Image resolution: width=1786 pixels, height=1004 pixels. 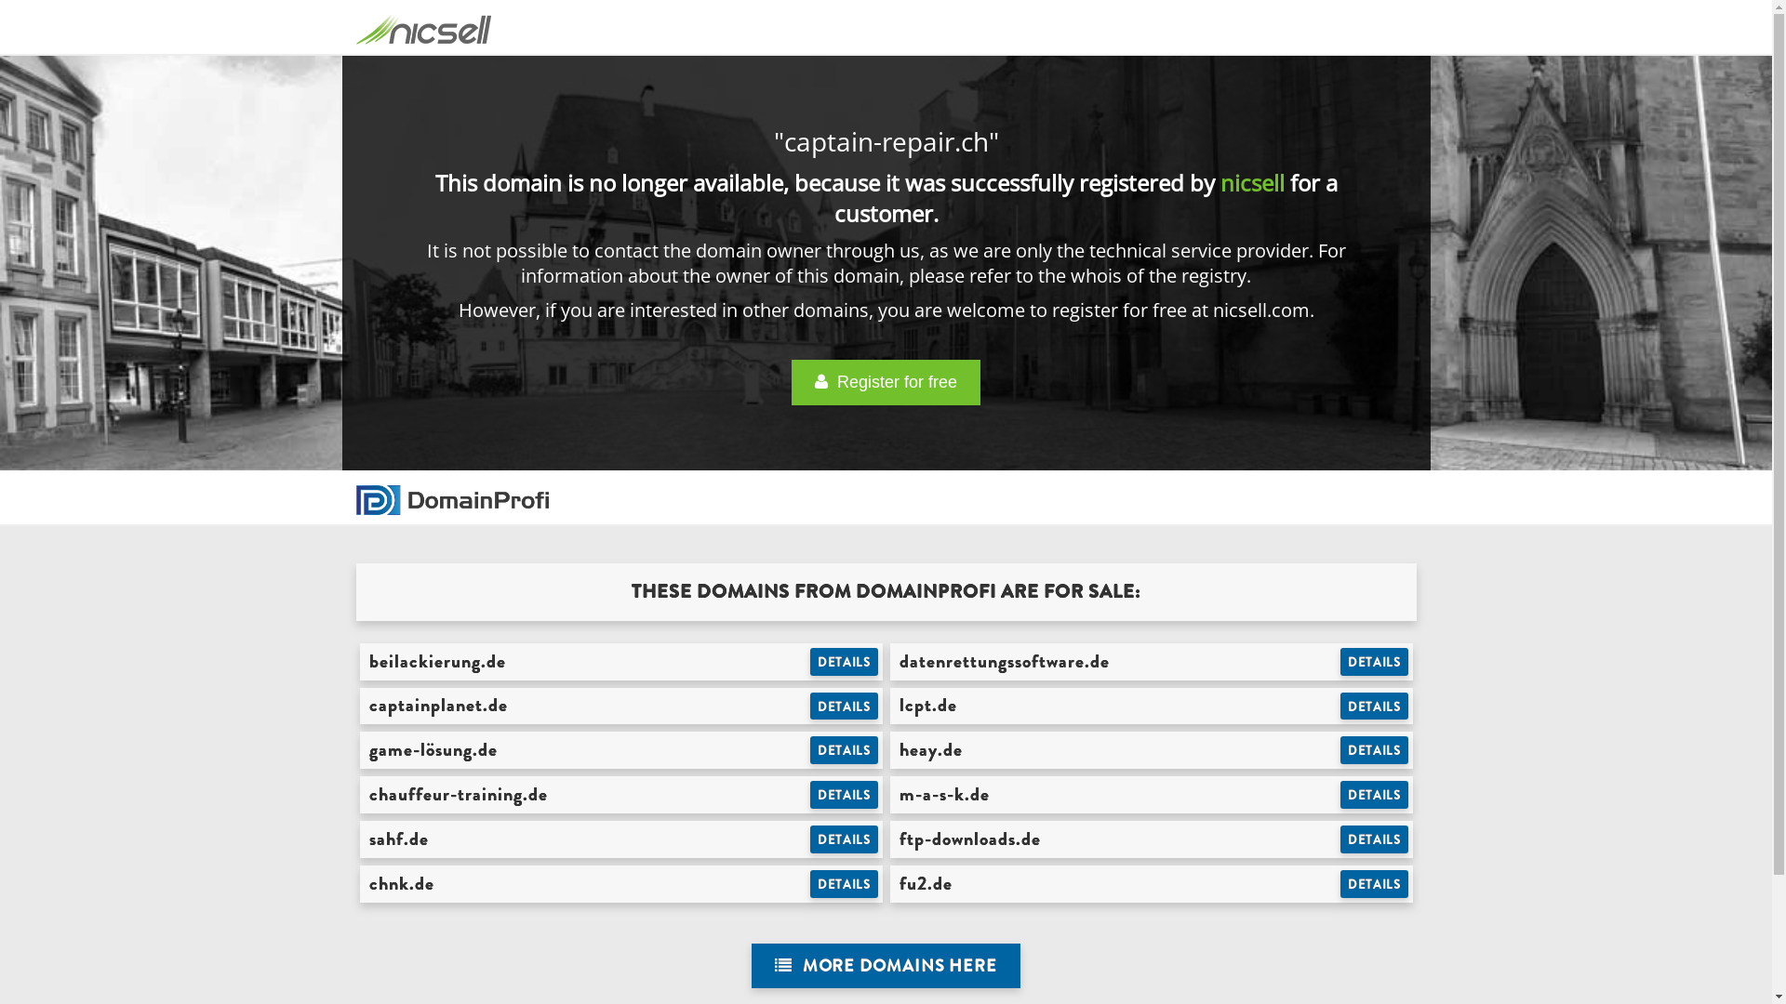 I want to click on 'DETAILS', so click(x=1374, y=839).